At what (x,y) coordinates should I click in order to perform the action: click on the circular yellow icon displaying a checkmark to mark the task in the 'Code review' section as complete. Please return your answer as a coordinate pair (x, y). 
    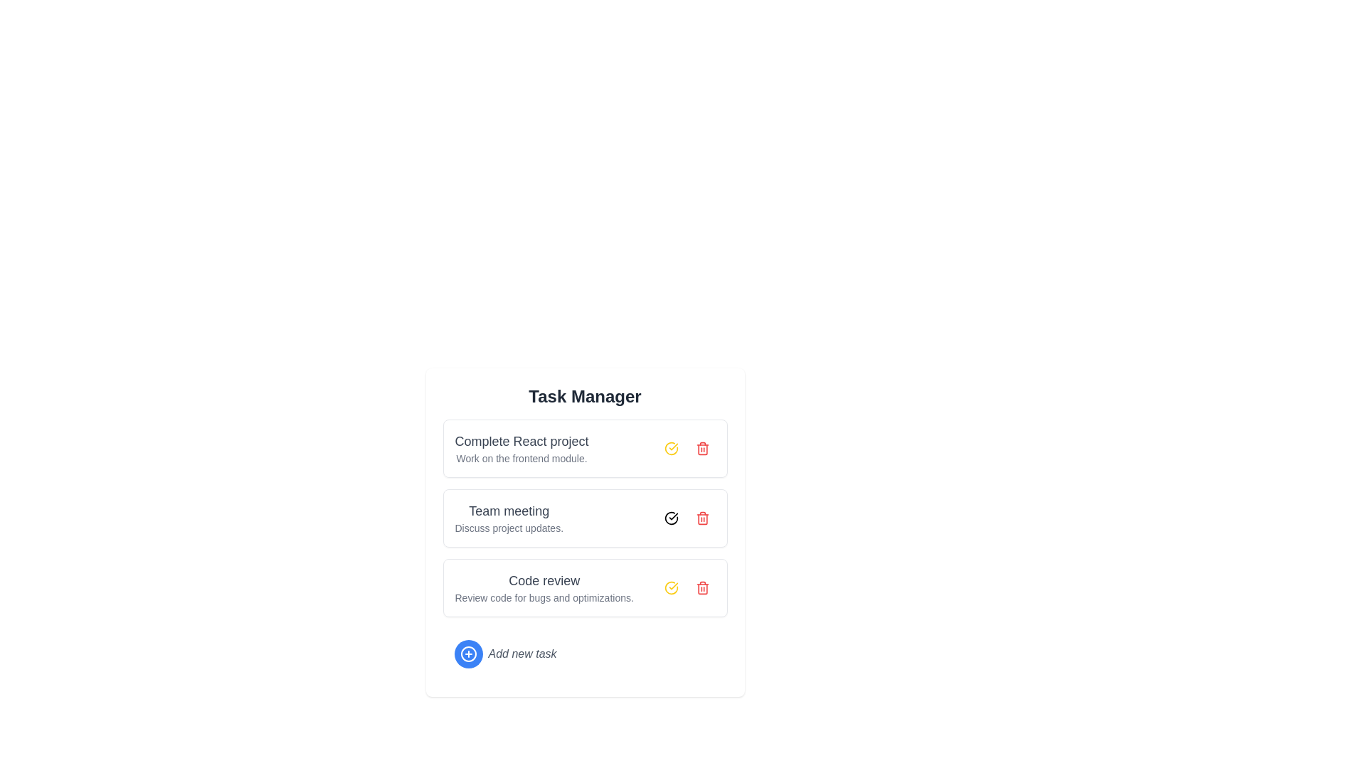
    Looking at the image, I should click on (670, 587).